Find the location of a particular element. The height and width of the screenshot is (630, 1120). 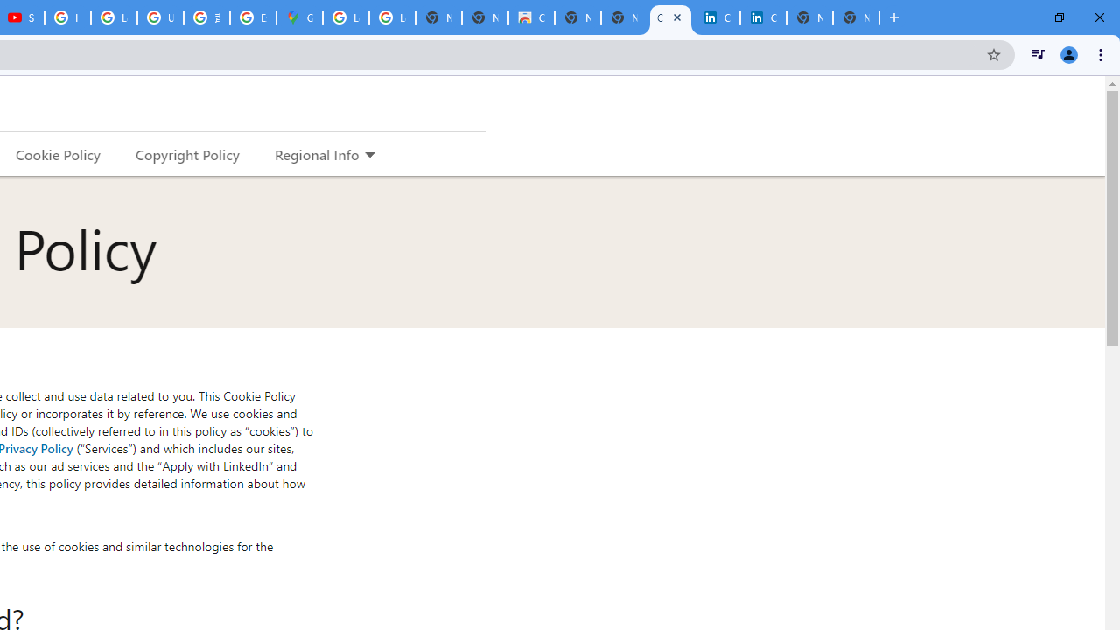

'Regional Info' is located at coordinates (317, 153).